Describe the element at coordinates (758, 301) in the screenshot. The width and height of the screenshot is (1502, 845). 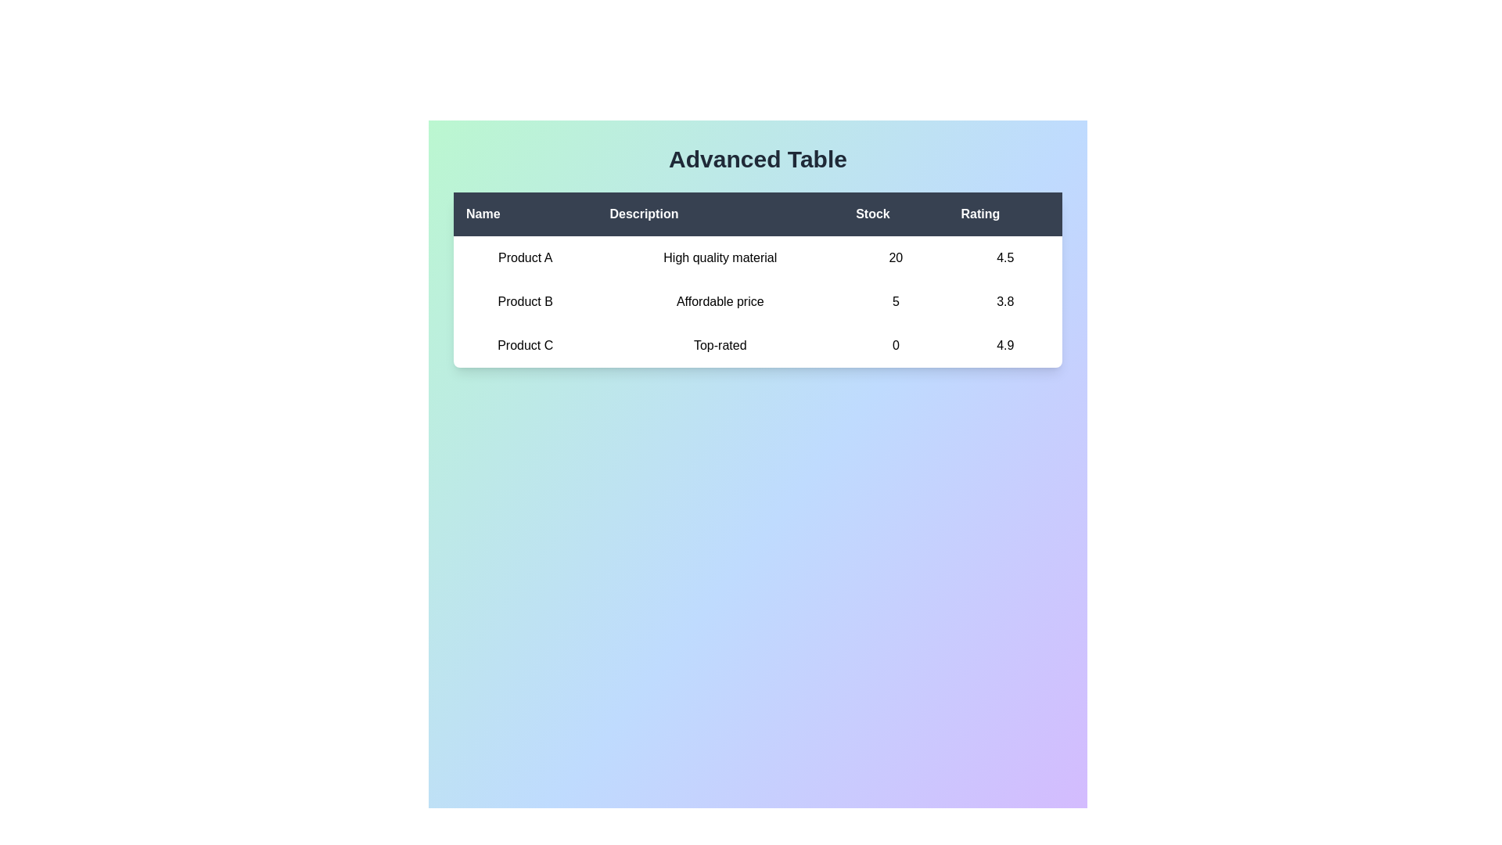
I see `information displayed in the second row of the product table, which includes the product name 'Product B', description 'Affordable price', stock quantity '5', and rating '3.8'` at that location.